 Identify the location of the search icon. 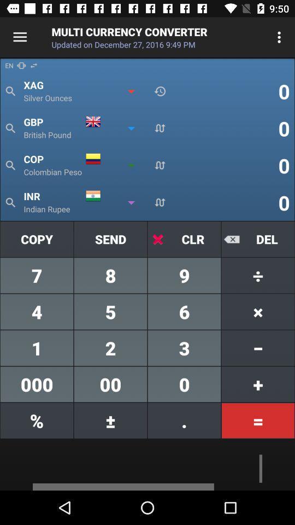
(10, 128).